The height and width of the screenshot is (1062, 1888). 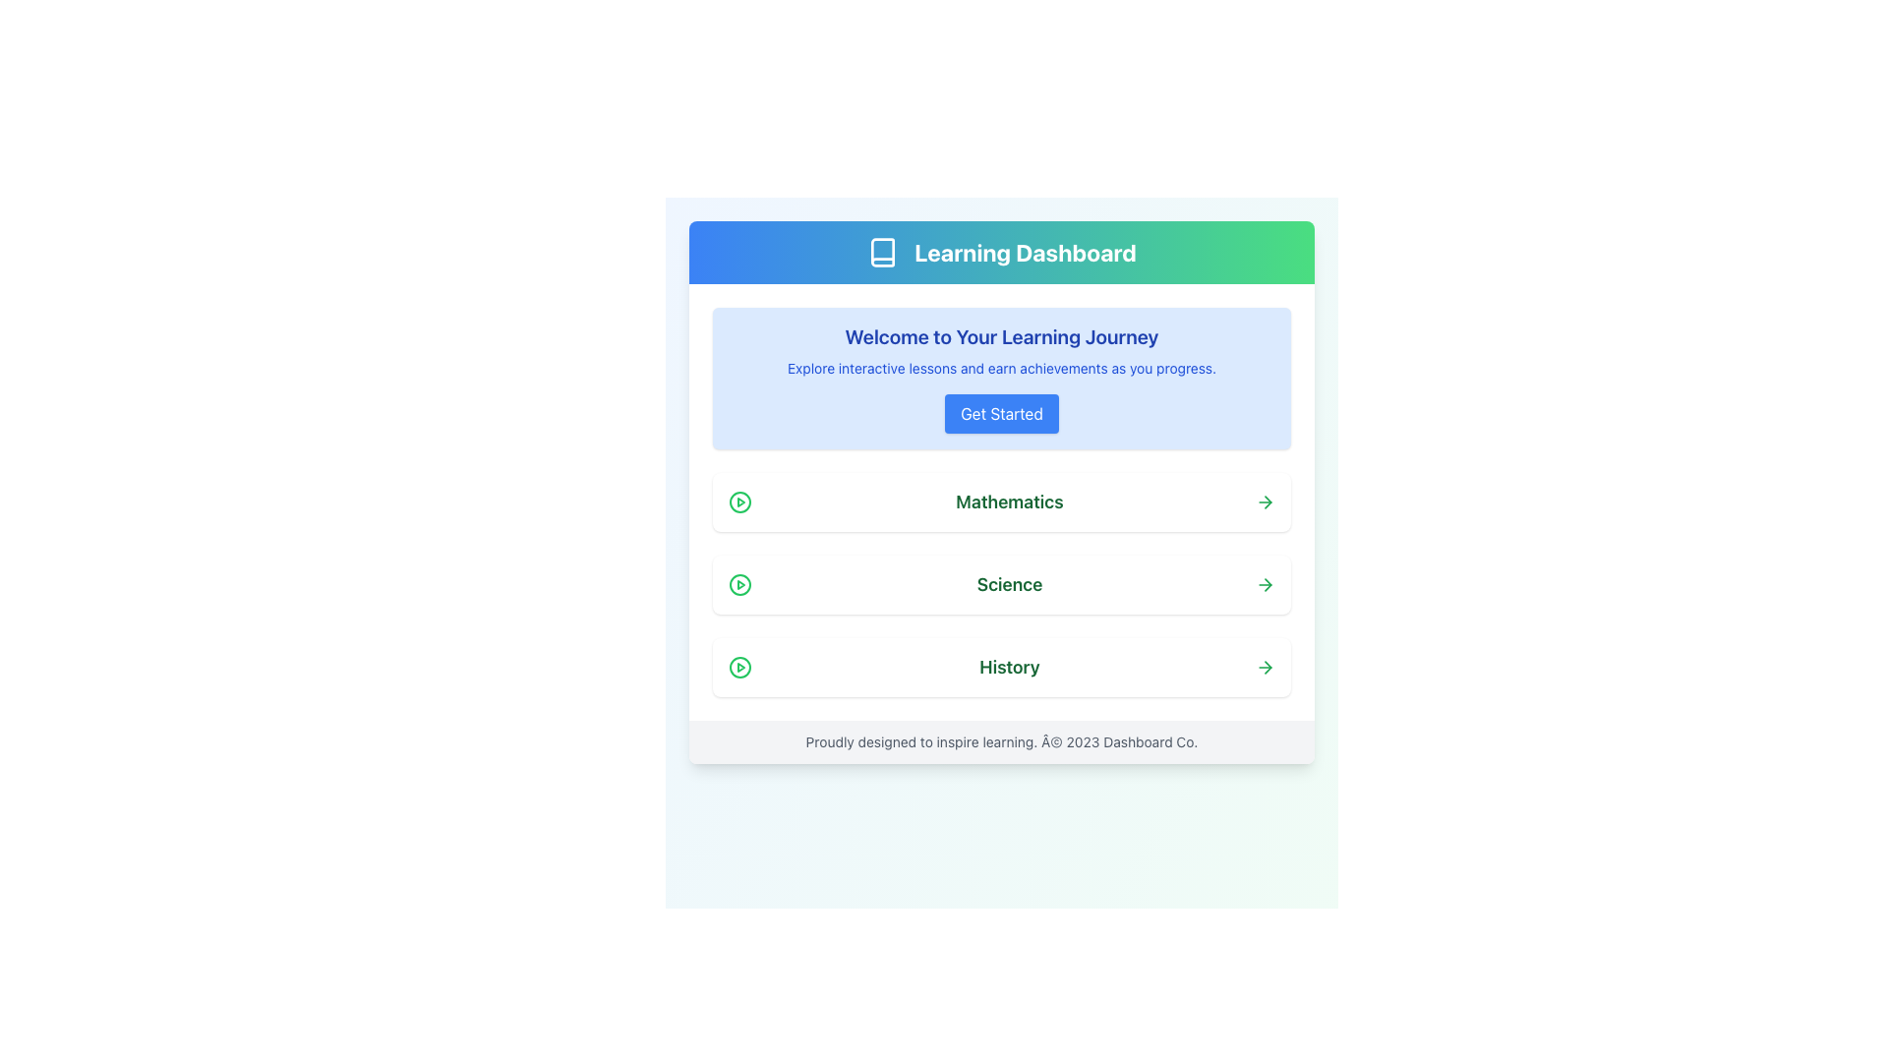 What do you see at coordinates (1001, 336) in the screenshot?
I see `the welcoming title text at the top of the Learning Dashboard panel, which introduces the purpose of the interactive platform` at bounding box center [1001, 336].